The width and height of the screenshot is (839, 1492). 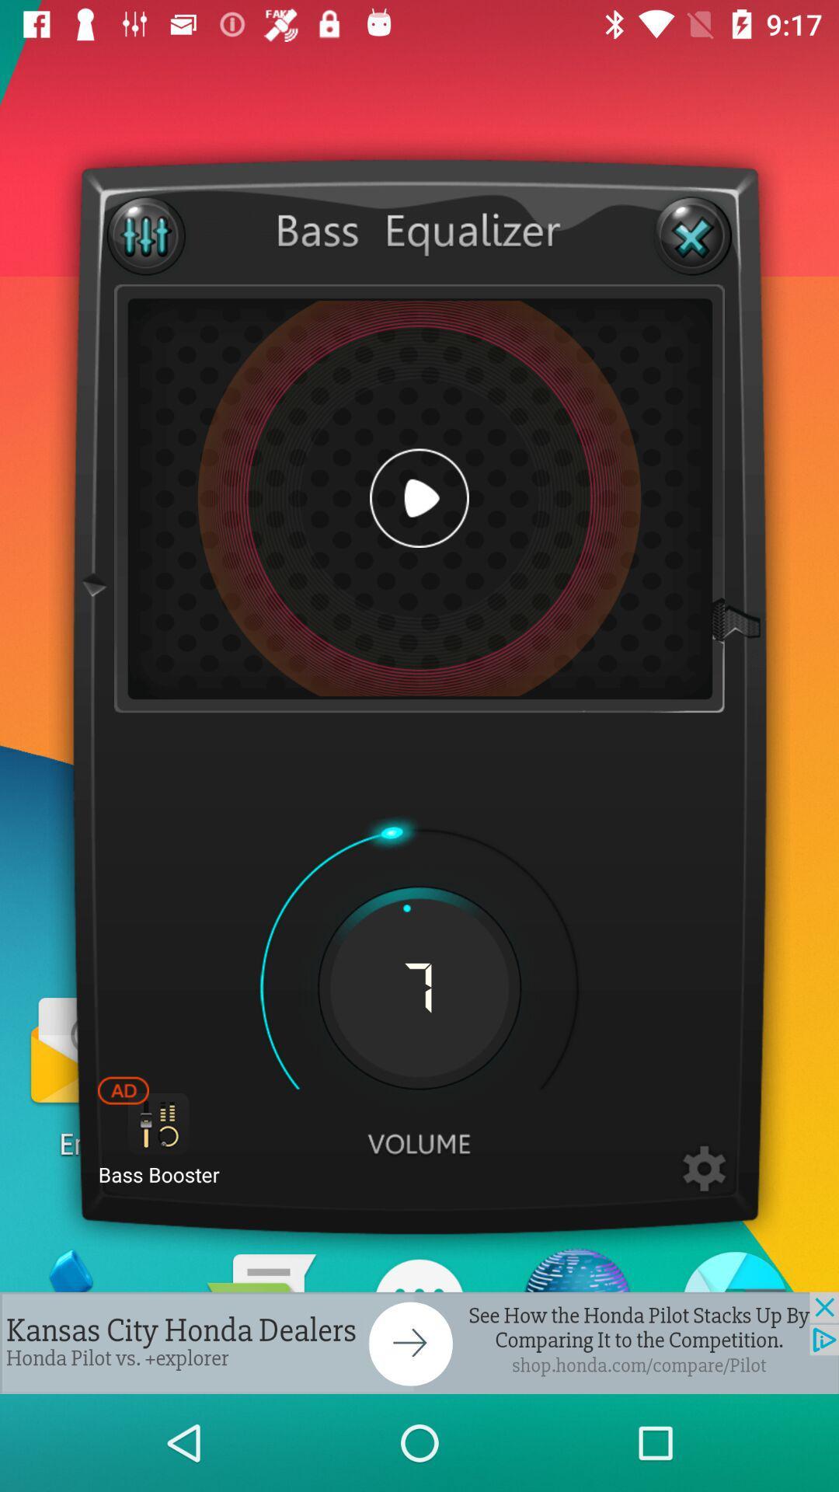 I want to click on the settings icon, so click(x=704, y=1170).